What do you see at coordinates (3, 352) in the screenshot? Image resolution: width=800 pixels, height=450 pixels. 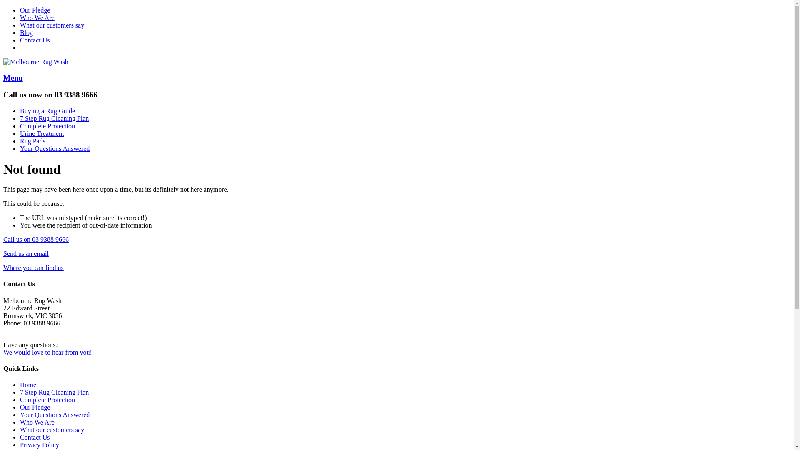 I see `'We would love to hear from you!'` at bounding box center [3, 352].